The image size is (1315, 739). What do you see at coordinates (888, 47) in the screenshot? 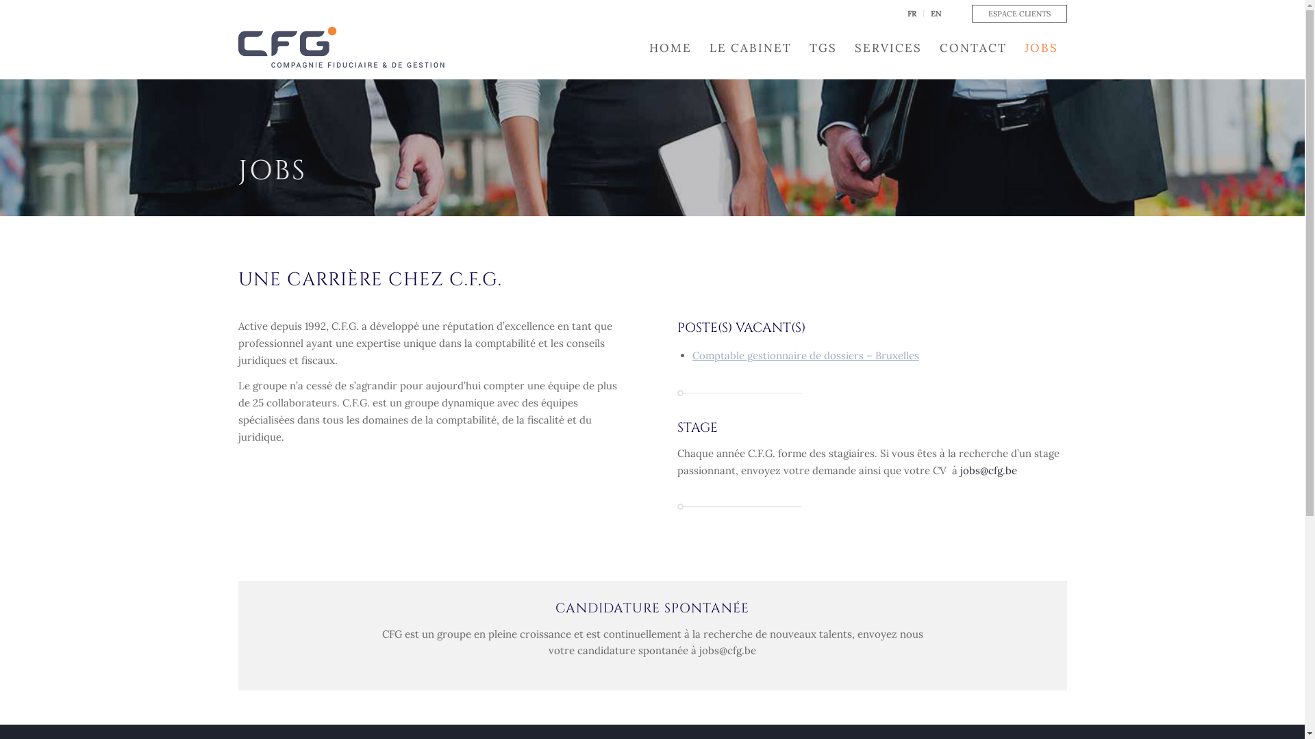
I see `'SERVICES'` at bounding box center [888, 47].